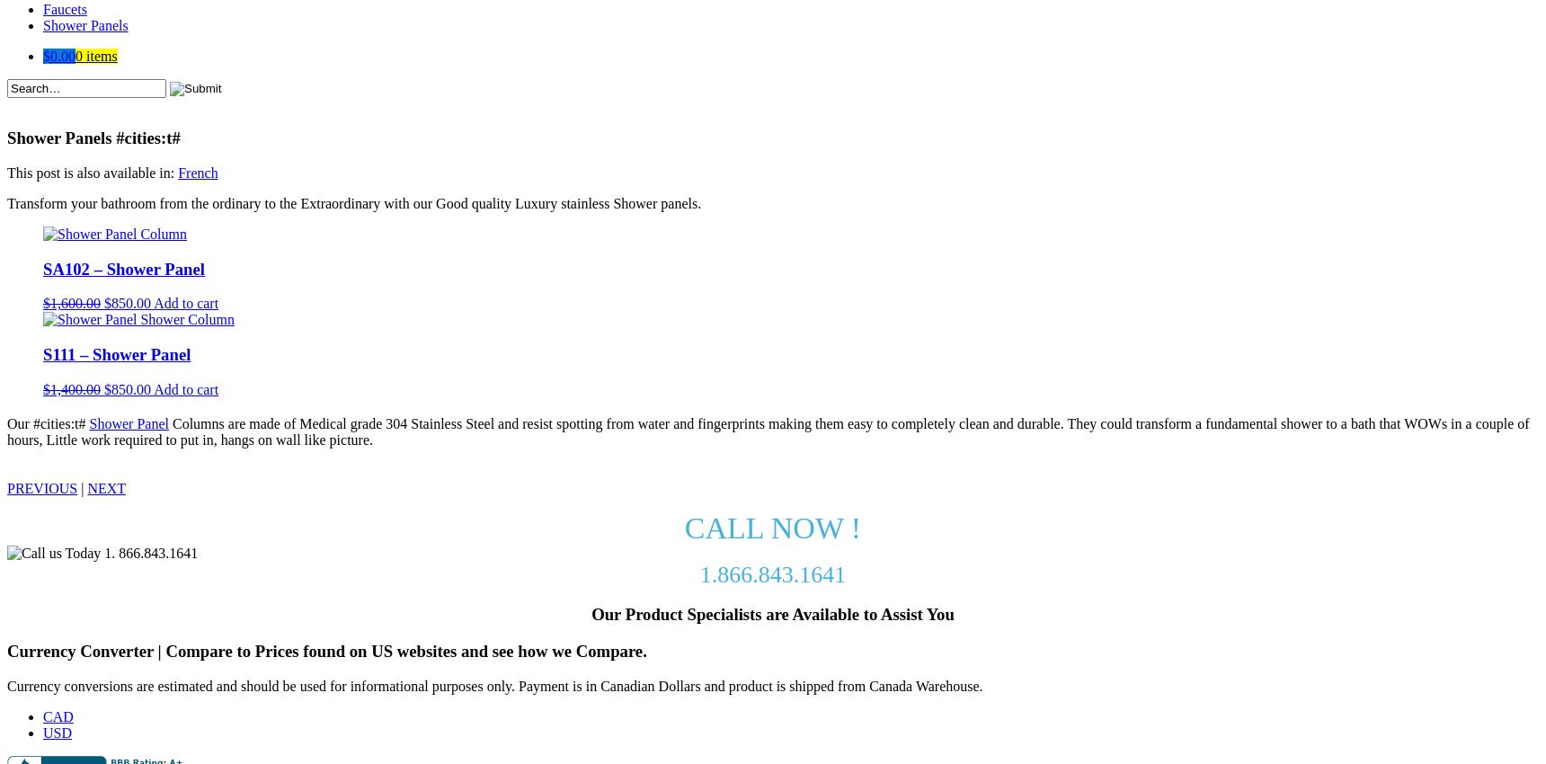 The image size is (1546, 764). I want to click on 'CAD', so click(41, 715).